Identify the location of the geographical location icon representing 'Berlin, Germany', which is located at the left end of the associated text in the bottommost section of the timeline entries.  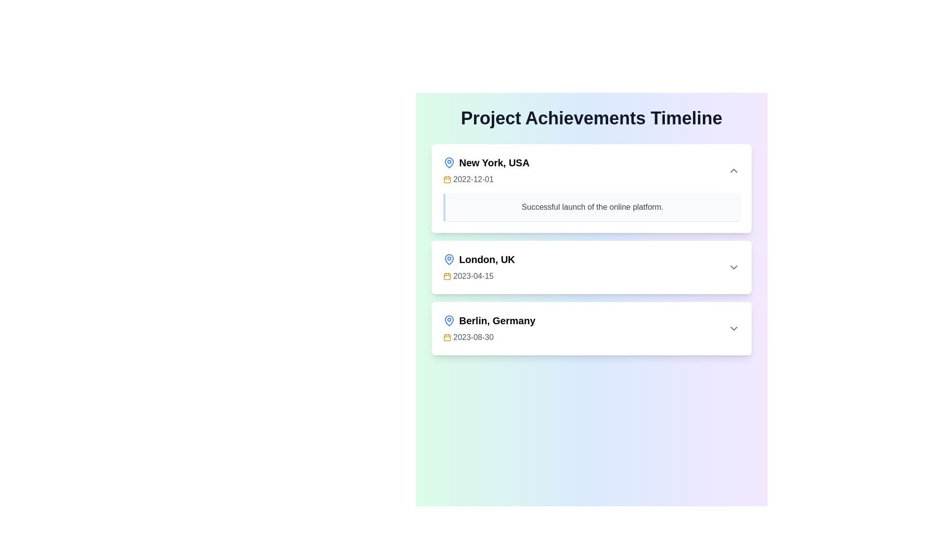
(449, 321).